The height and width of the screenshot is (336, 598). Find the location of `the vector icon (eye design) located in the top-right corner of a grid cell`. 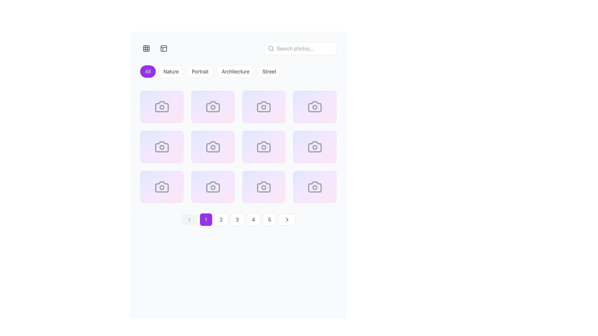

the vector icon (eye design) located in the top-right corner of a grid cell is located at coordinates (332, 113).